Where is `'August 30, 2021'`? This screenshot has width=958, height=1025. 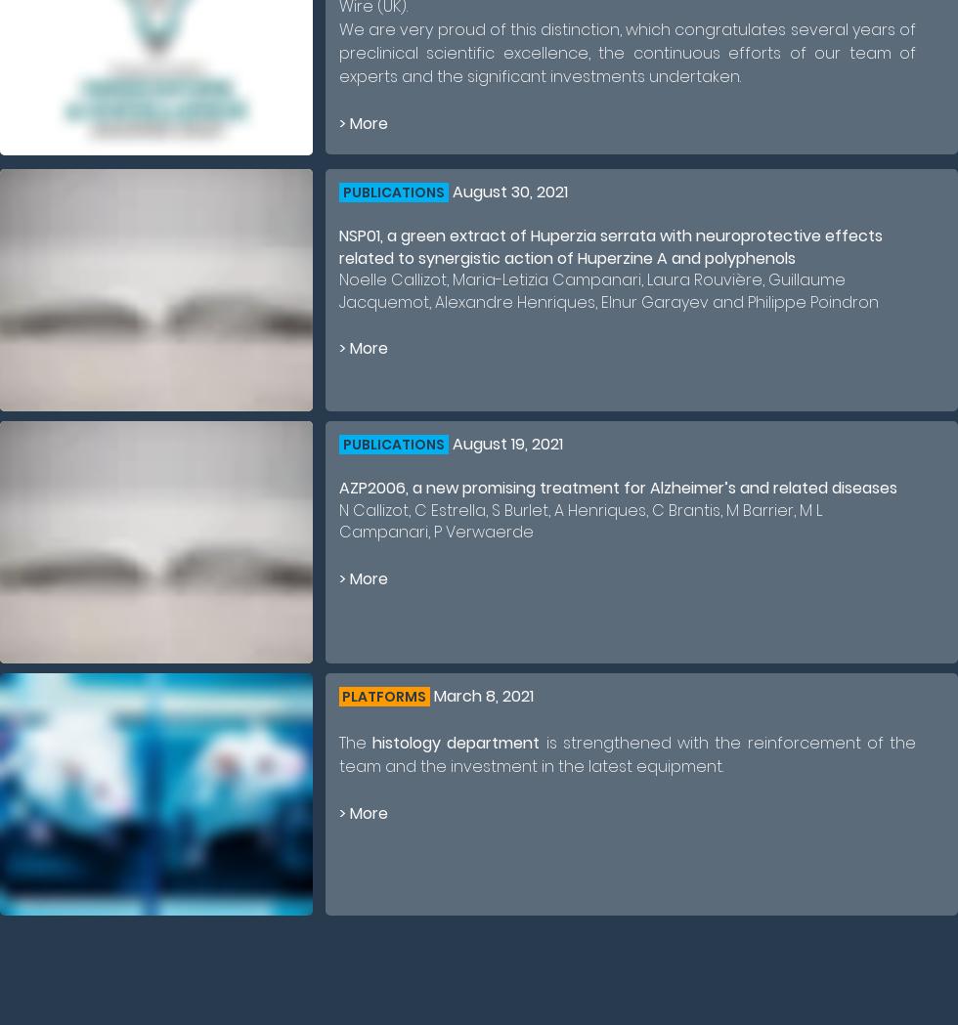 'August 30, 2021' is located at coordinates (507, 191).